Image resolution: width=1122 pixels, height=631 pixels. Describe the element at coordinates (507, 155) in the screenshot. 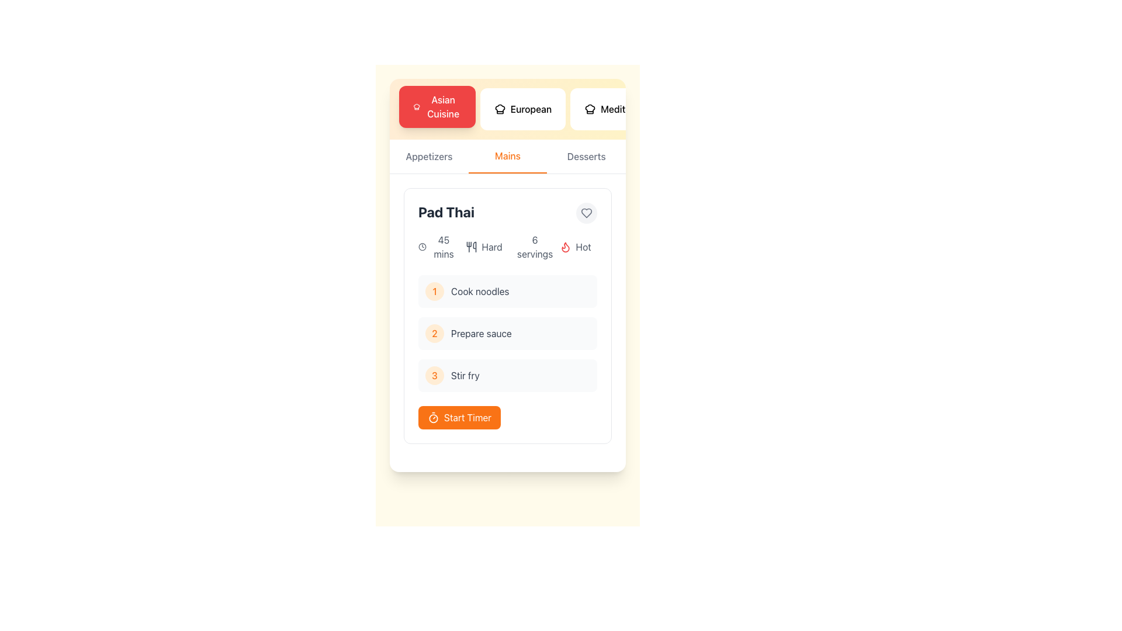

I see `text of the active navigation tab labeled 'Mains', which is highlighted in vibrant orange and underlined, indicating it is currently selected` at that location.